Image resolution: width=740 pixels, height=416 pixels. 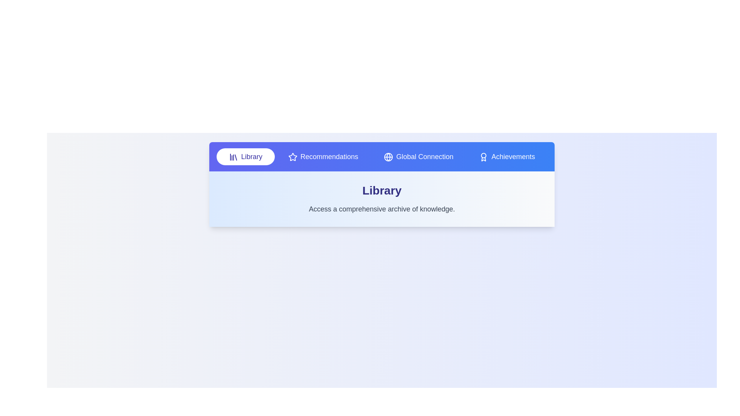 What do you see at coordinates (418, 156) in the screenshot?
I see `the tab labeled Global Connection to switch to the corresponding view` at bounding box center [418, 156].